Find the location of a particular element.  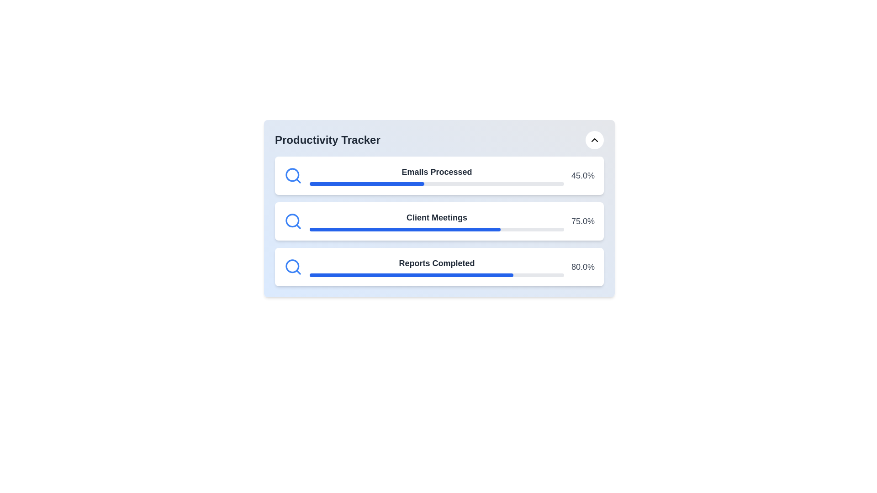

the progress bar located within the 'Reports Completed' card, which is the third card in the vertical list of progress trackers is located at coordinates (436, 274).